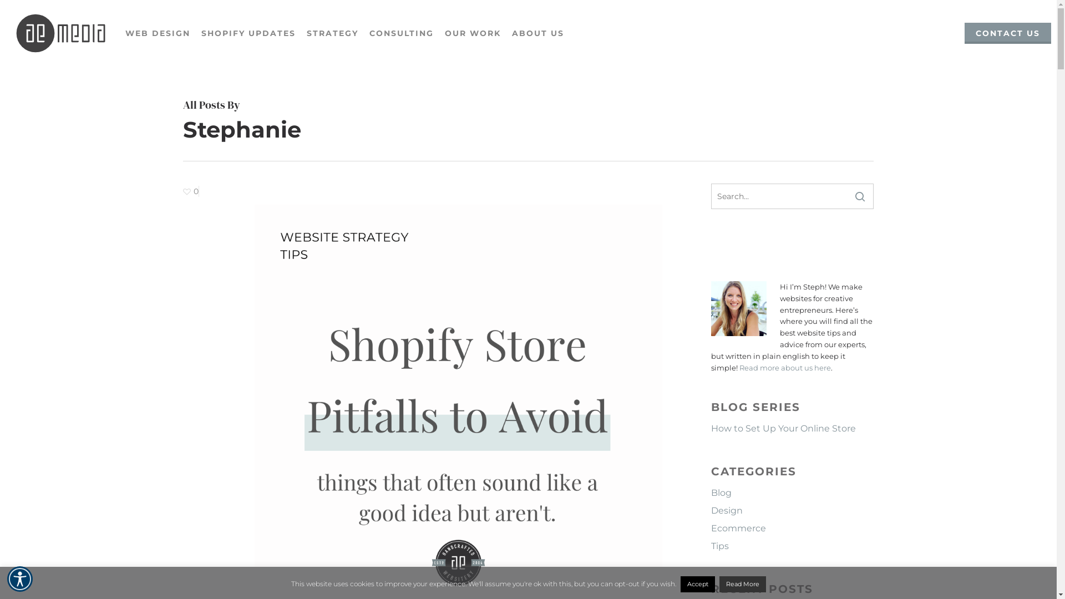 The height and width of the screenshot is (599, 1065). Describe the element at coordinates (697, 583) in the screenshot. I see `'Accept'` at that location.